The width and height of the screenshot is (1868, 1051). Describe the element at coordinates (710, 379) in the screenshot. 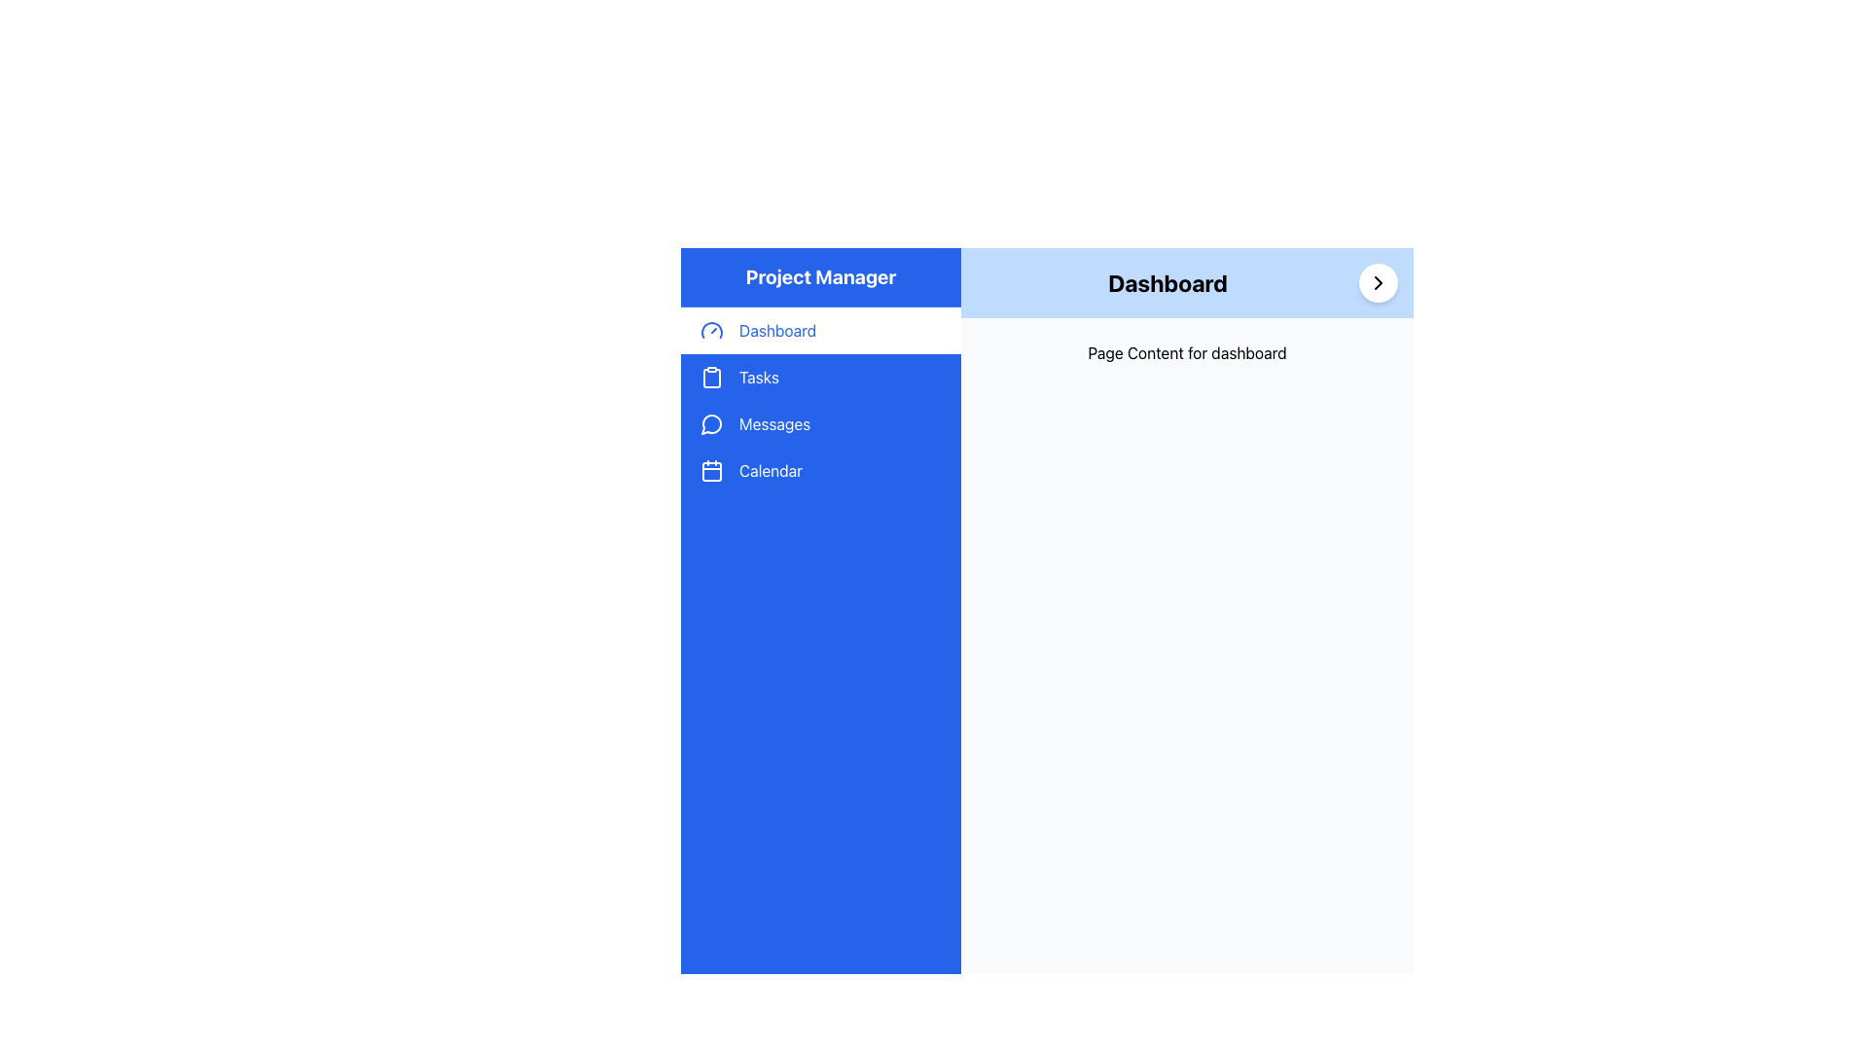

I see `the lower part of the clipboard icon associated with the 'Tasks' menu item in the main navigation panel` at that location.